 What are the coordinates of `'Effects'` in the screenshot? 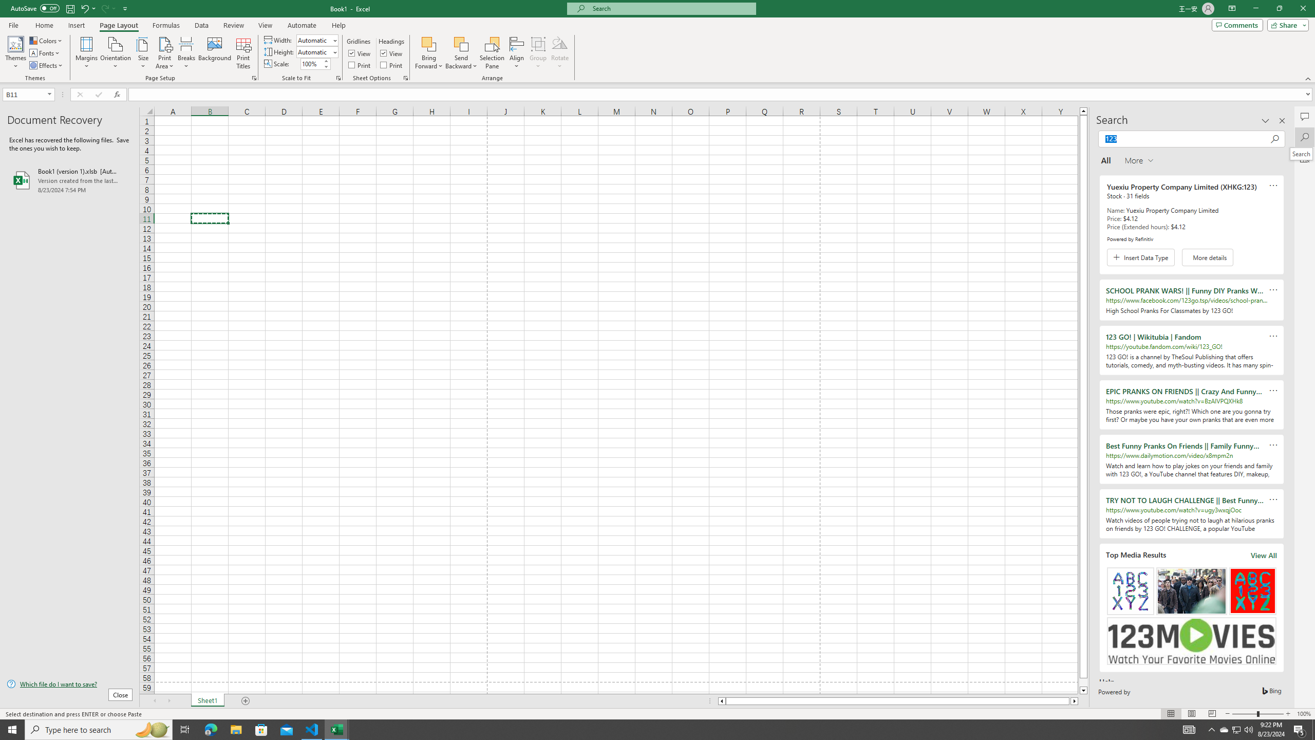 It's located at (46, 65).